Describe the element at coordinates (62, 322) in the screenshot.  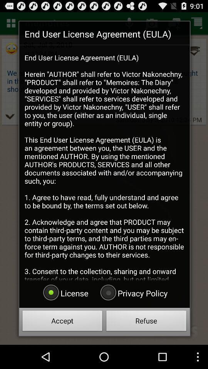
I see `item to the left of the refuse item` at that location.